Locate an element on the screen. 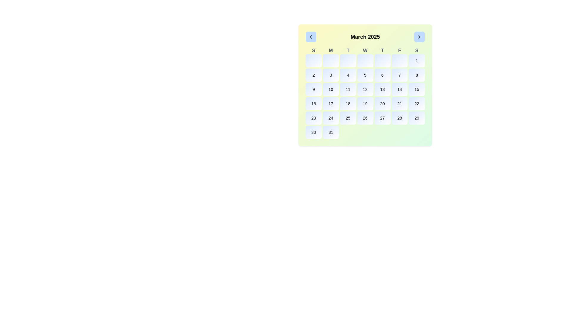 Image resolution: width=572 pixels, height=322 pixels. the button representing the date '31' is located at coordinates (330, 132).